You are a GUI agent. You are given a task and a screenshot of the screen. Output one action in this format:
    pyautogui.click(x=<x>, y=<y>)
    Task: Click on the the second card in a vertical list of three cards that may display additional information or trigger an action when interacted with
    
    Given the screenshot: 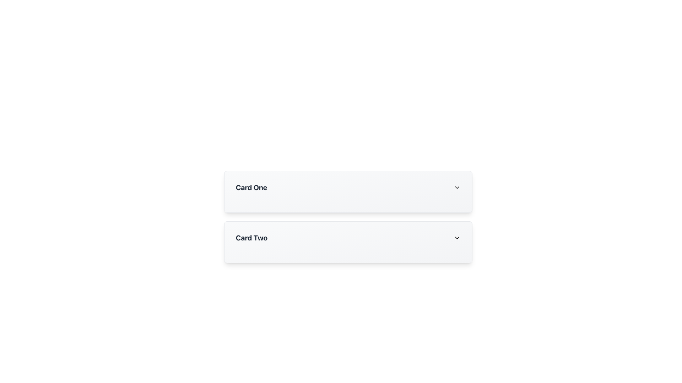 What is the action you would take?
    pyautogui.click(x=348, y=242)
    